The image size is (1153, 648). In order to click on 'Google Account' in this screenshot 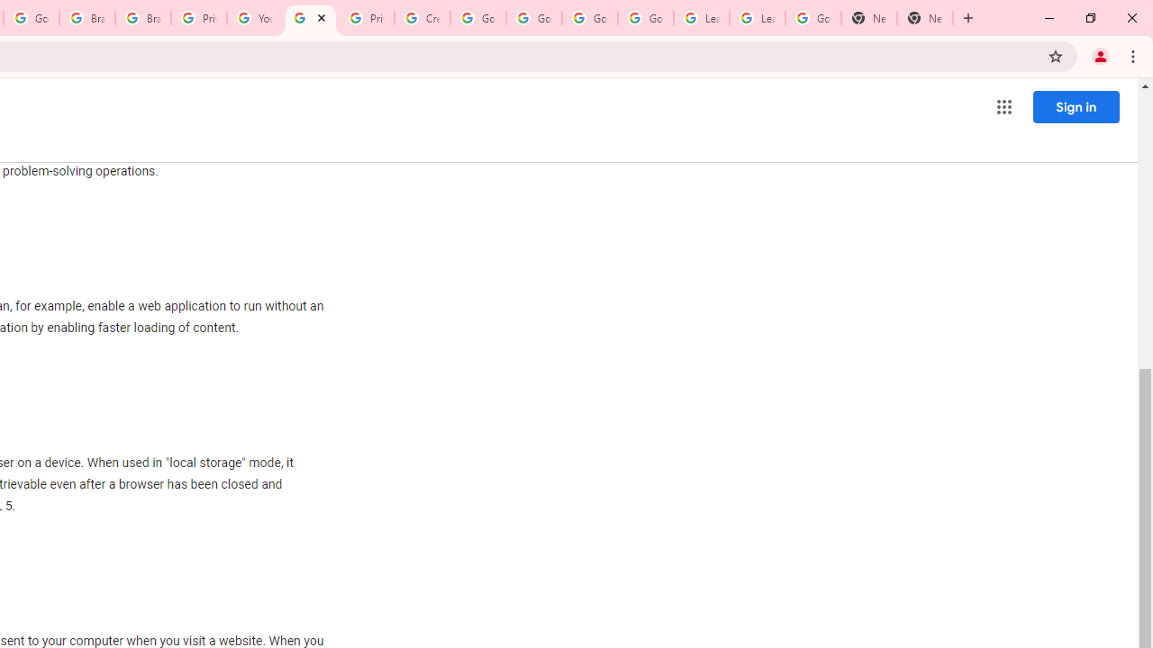, I will do `click(813, 18)`.